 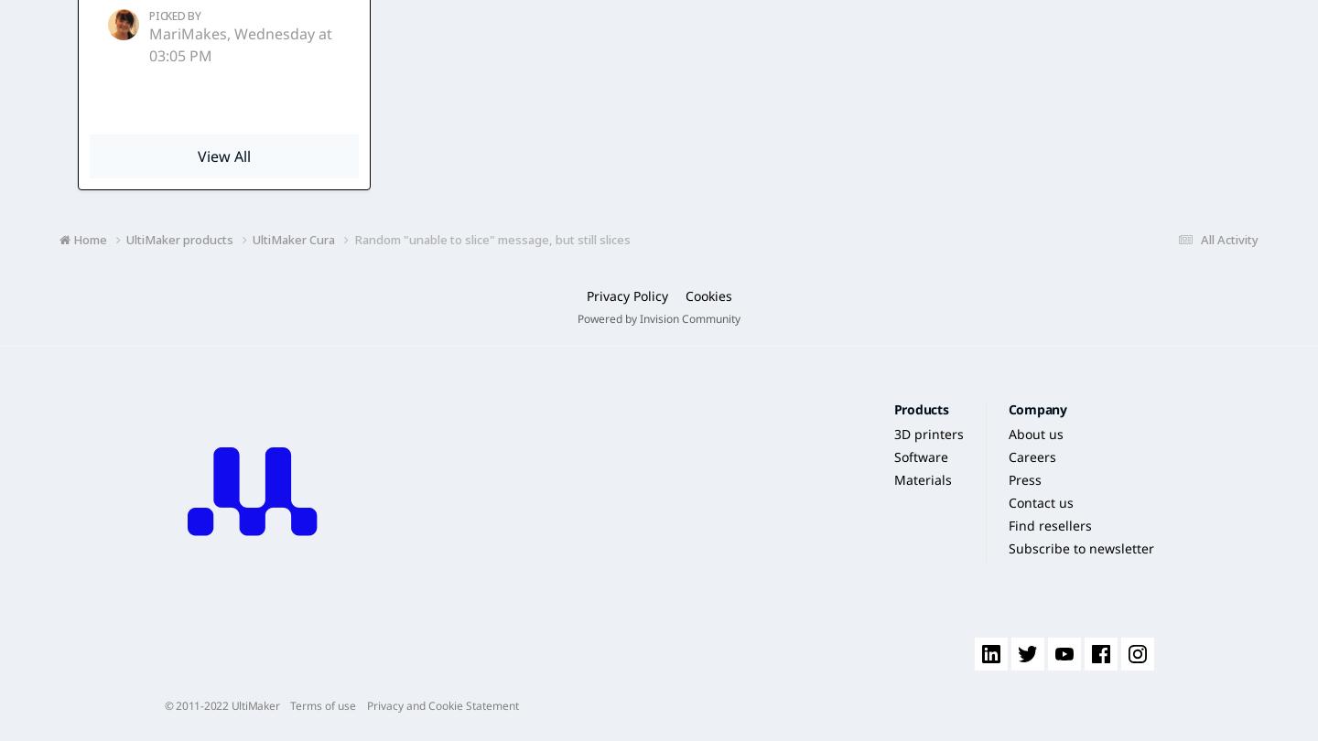 What do you see at coordinates (919, 456) in the screenshot?
I see `'Software'` at bounding box center [919, 456].